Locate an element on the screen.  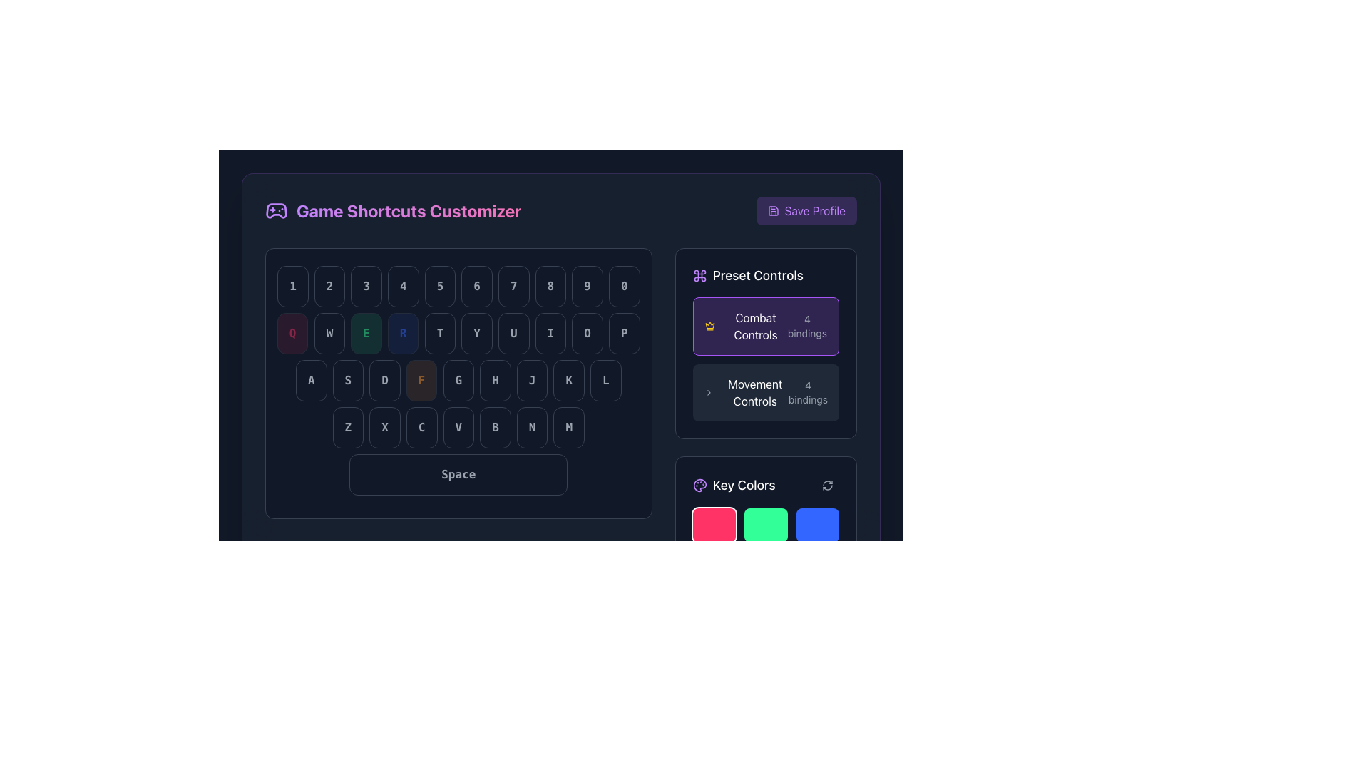
the Label/Header that identifies the section containing 'Combat Controls' and 'Movement Controls' is located at coordinates (765, 275).